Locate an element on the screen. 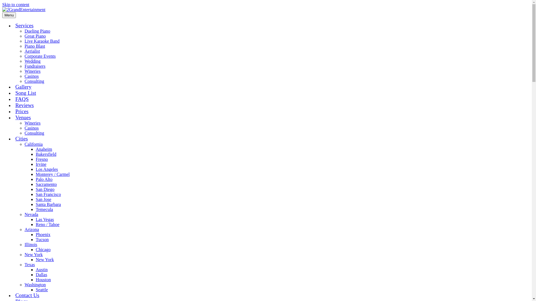 This screenshot has width=536, height=301. 'Consulting' is located at coordinates (34, 133).